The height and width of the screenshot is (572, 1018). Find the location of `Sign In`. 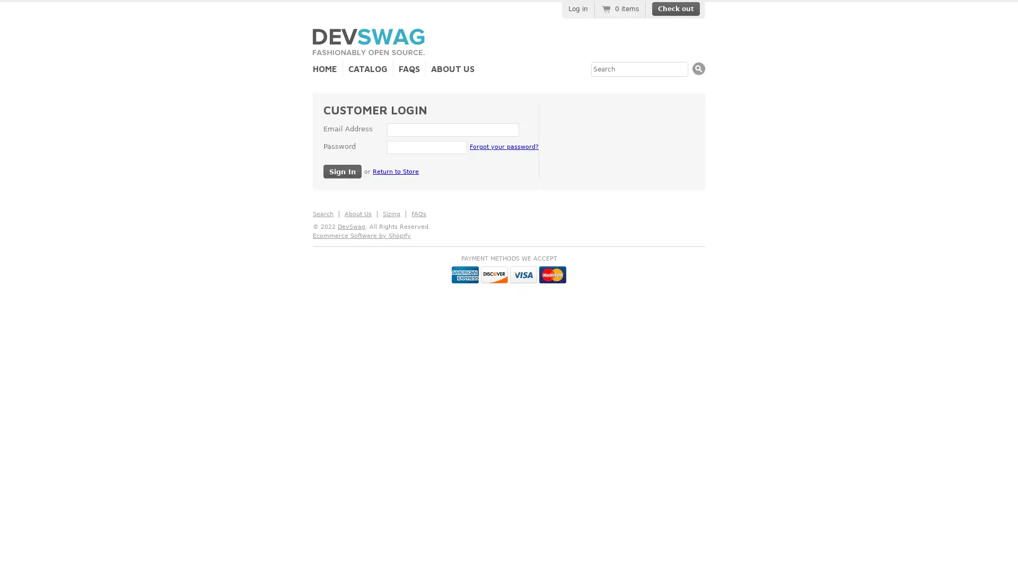

Sign In is located at coordinates (343, 171).